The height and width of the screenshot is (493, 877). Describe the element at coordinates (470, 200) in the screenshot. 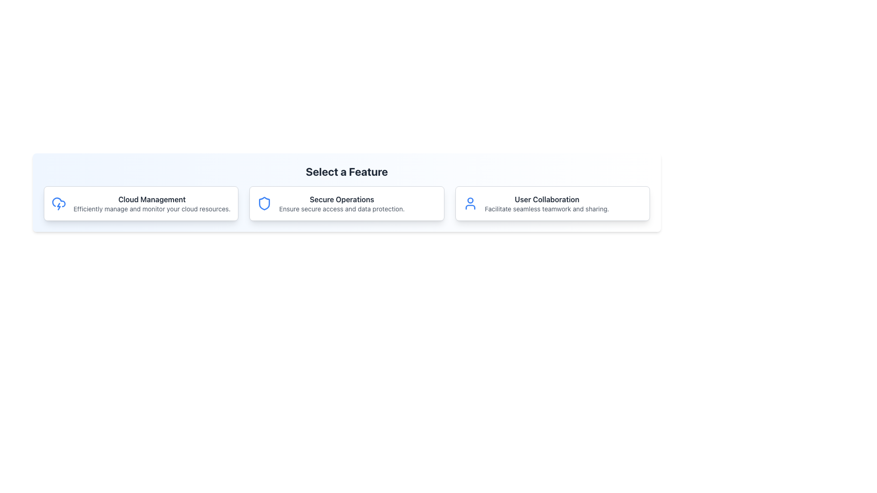

I see `the Circle (SVG Element) that represents the user head in the user icon of the 'User Collaboration' feature card, located on the rightmost side of the feature selection section` at that location.